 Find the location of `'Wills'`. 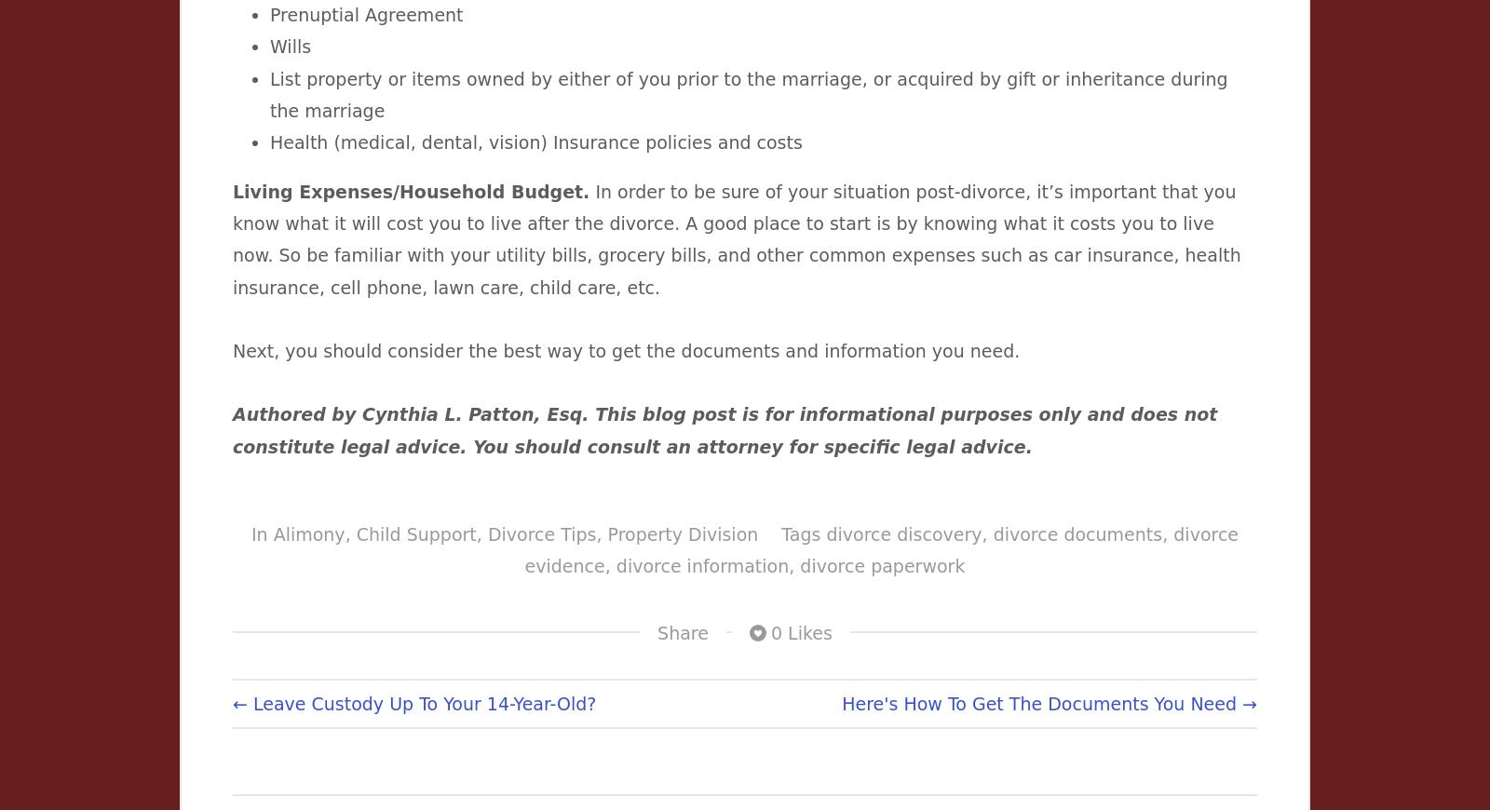

'Wills' is located at coordinates (291, 46).